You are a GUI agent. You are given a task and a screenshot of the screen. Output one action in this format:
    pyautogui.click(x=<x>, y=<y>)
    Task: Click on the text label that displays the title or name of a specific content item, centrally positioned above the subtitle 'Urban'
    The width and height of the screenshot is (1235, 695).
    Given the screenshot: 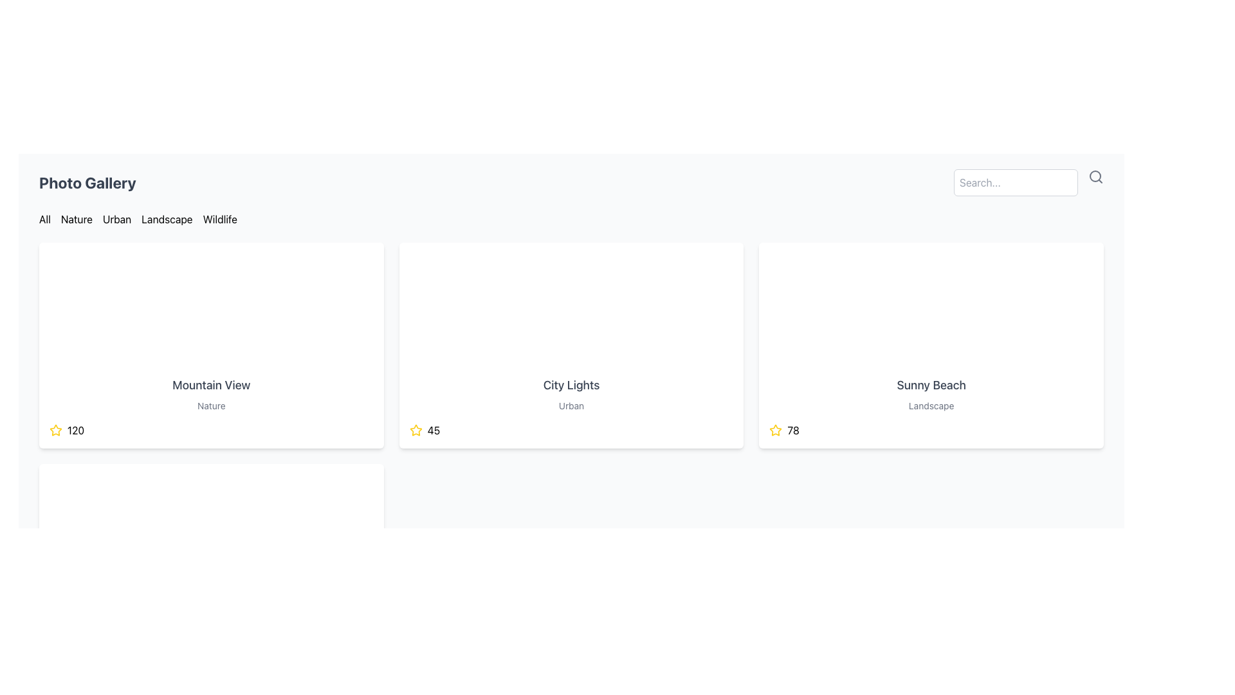 What is the action you would take?
    pyautogui.click(x=571, y=384)
    